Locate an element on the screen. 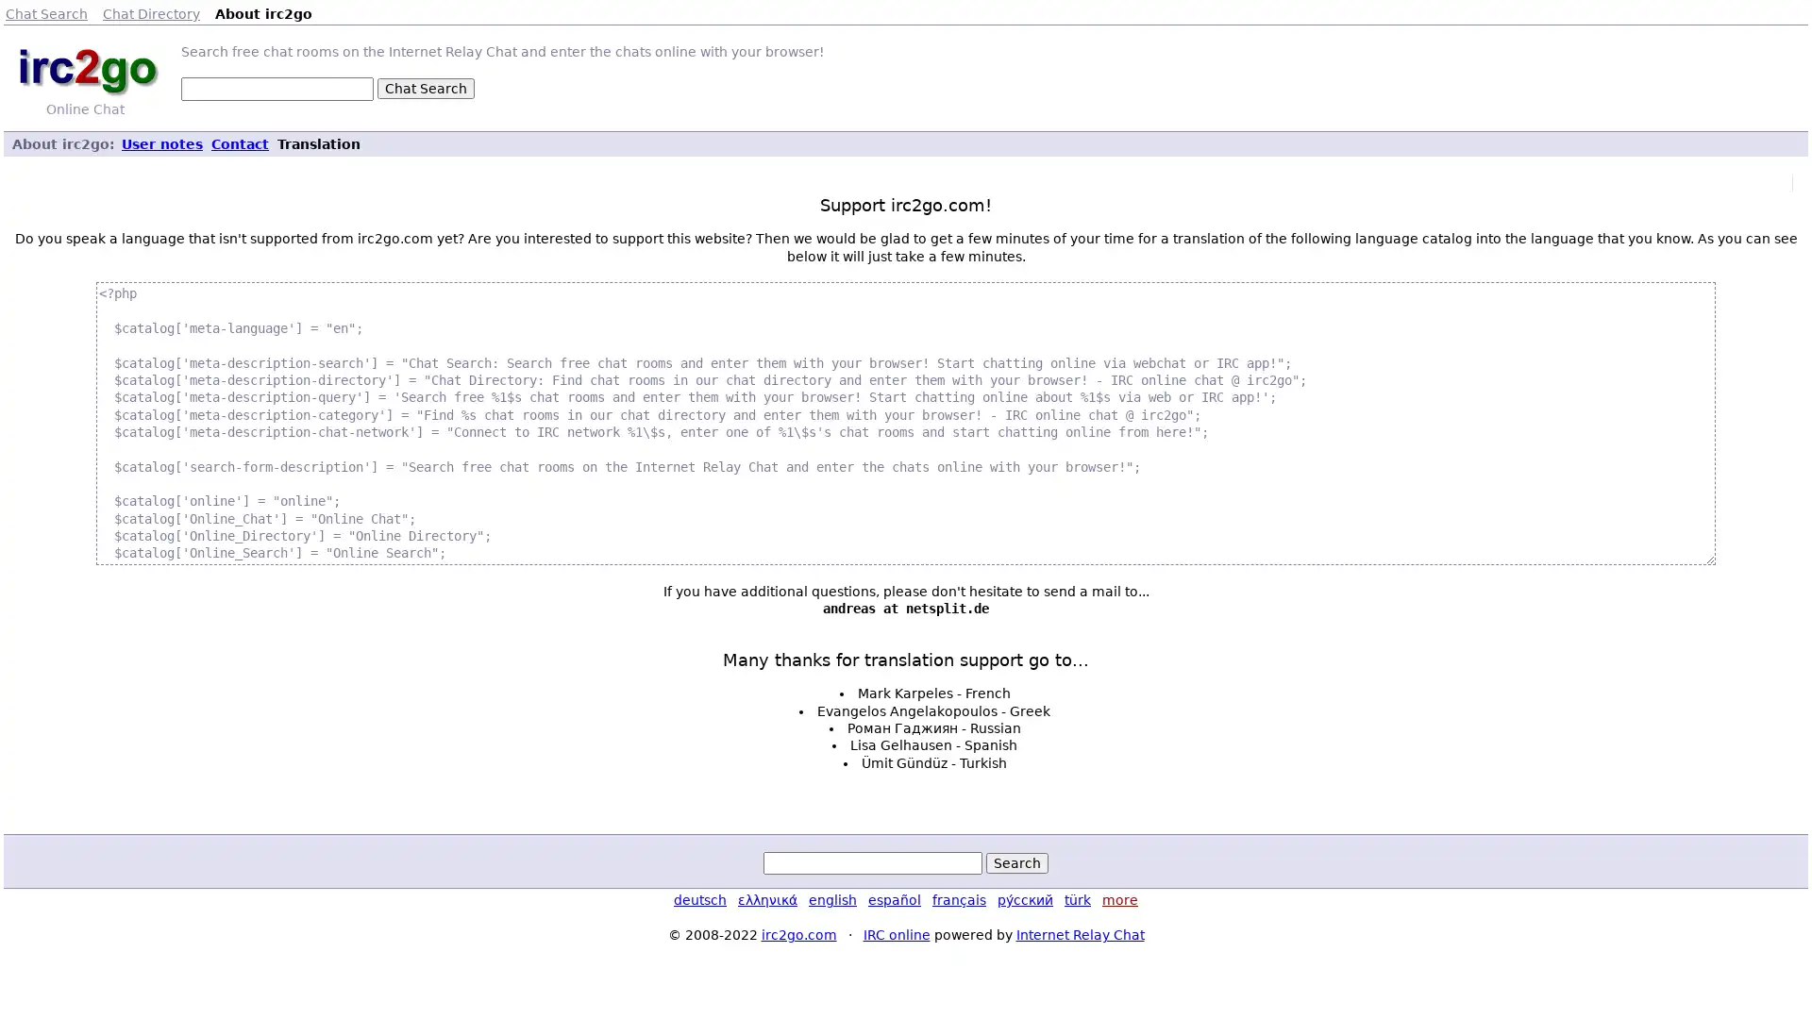 The height and width of the screenshot is (1019, 1812). Chat Search is located at coordinates (425, 88).